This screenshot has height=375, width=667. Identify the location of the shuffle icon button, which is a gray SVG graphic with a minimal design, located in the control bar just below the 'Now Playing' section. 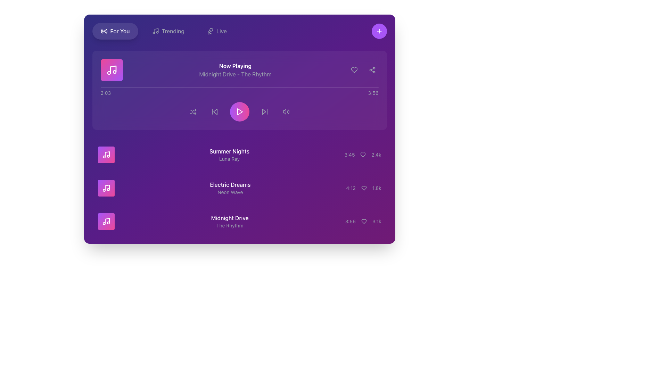
(193, 111).